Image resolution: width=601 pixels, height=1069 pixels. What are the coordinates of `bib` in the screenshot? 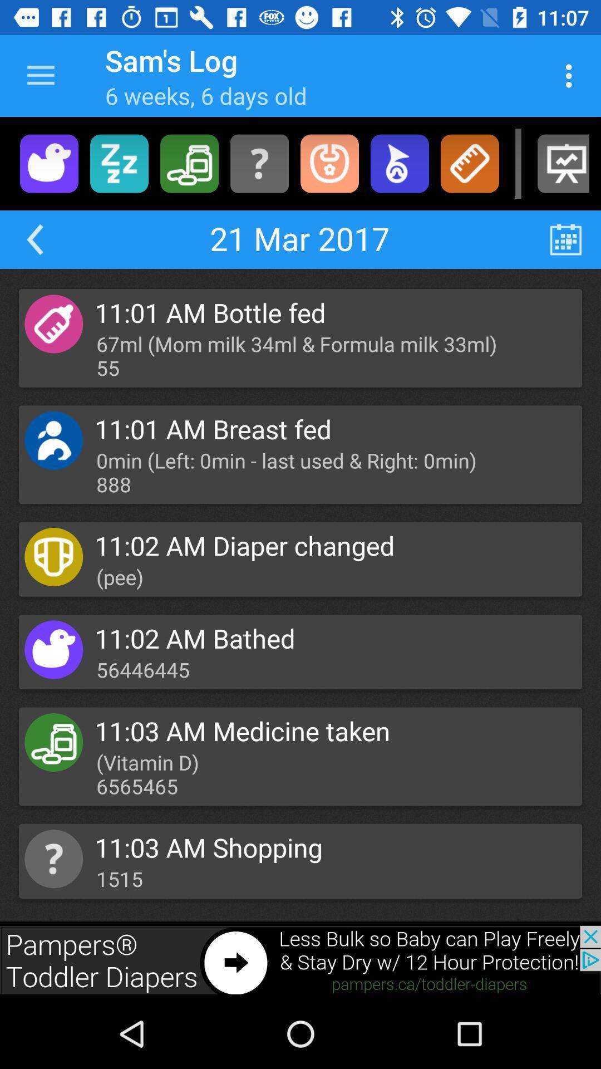 It's located at (329, 163).